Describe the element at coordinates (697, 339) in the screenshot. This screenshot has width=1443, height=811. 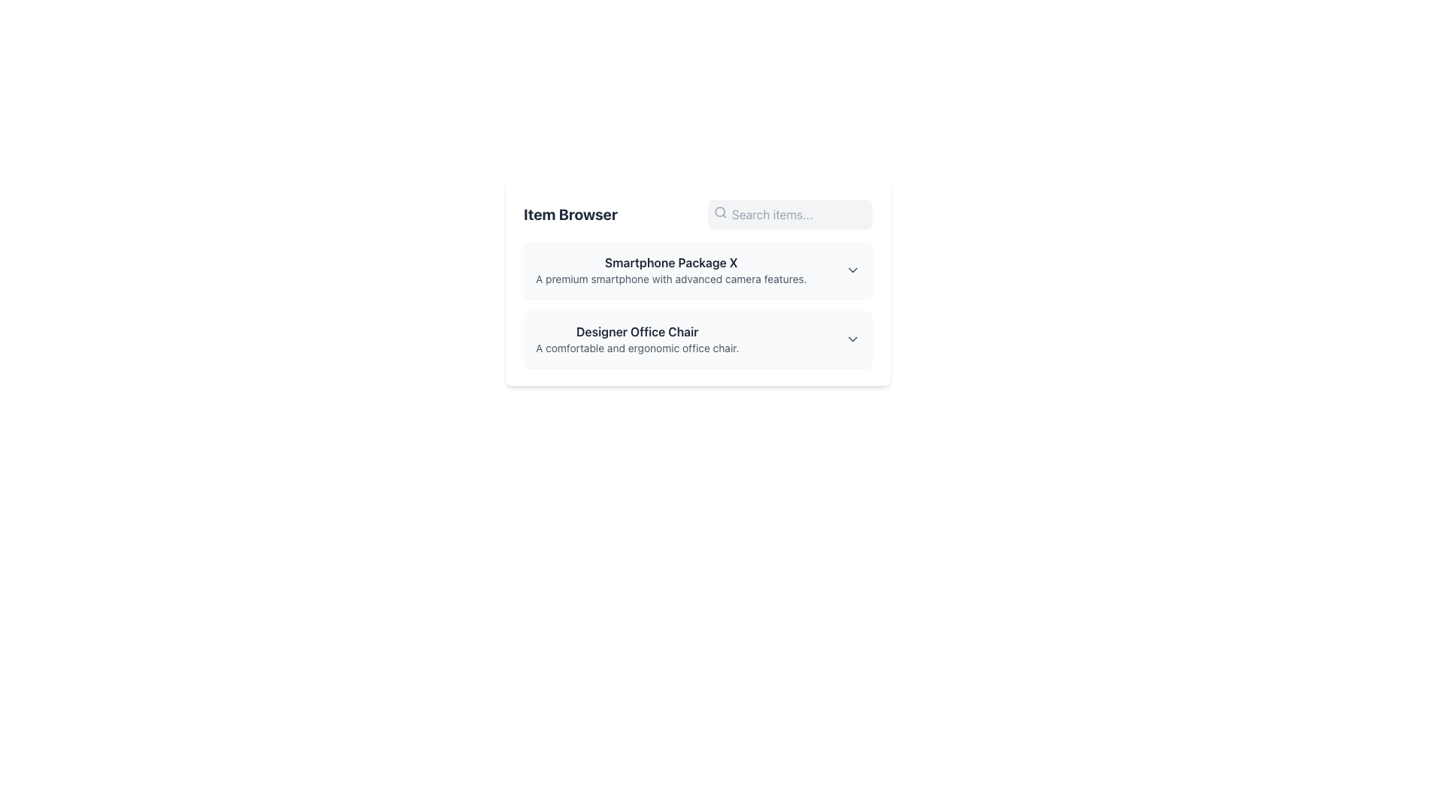
I see `the 'Designer Office Chair' item card located in the Item Browser` at that location.